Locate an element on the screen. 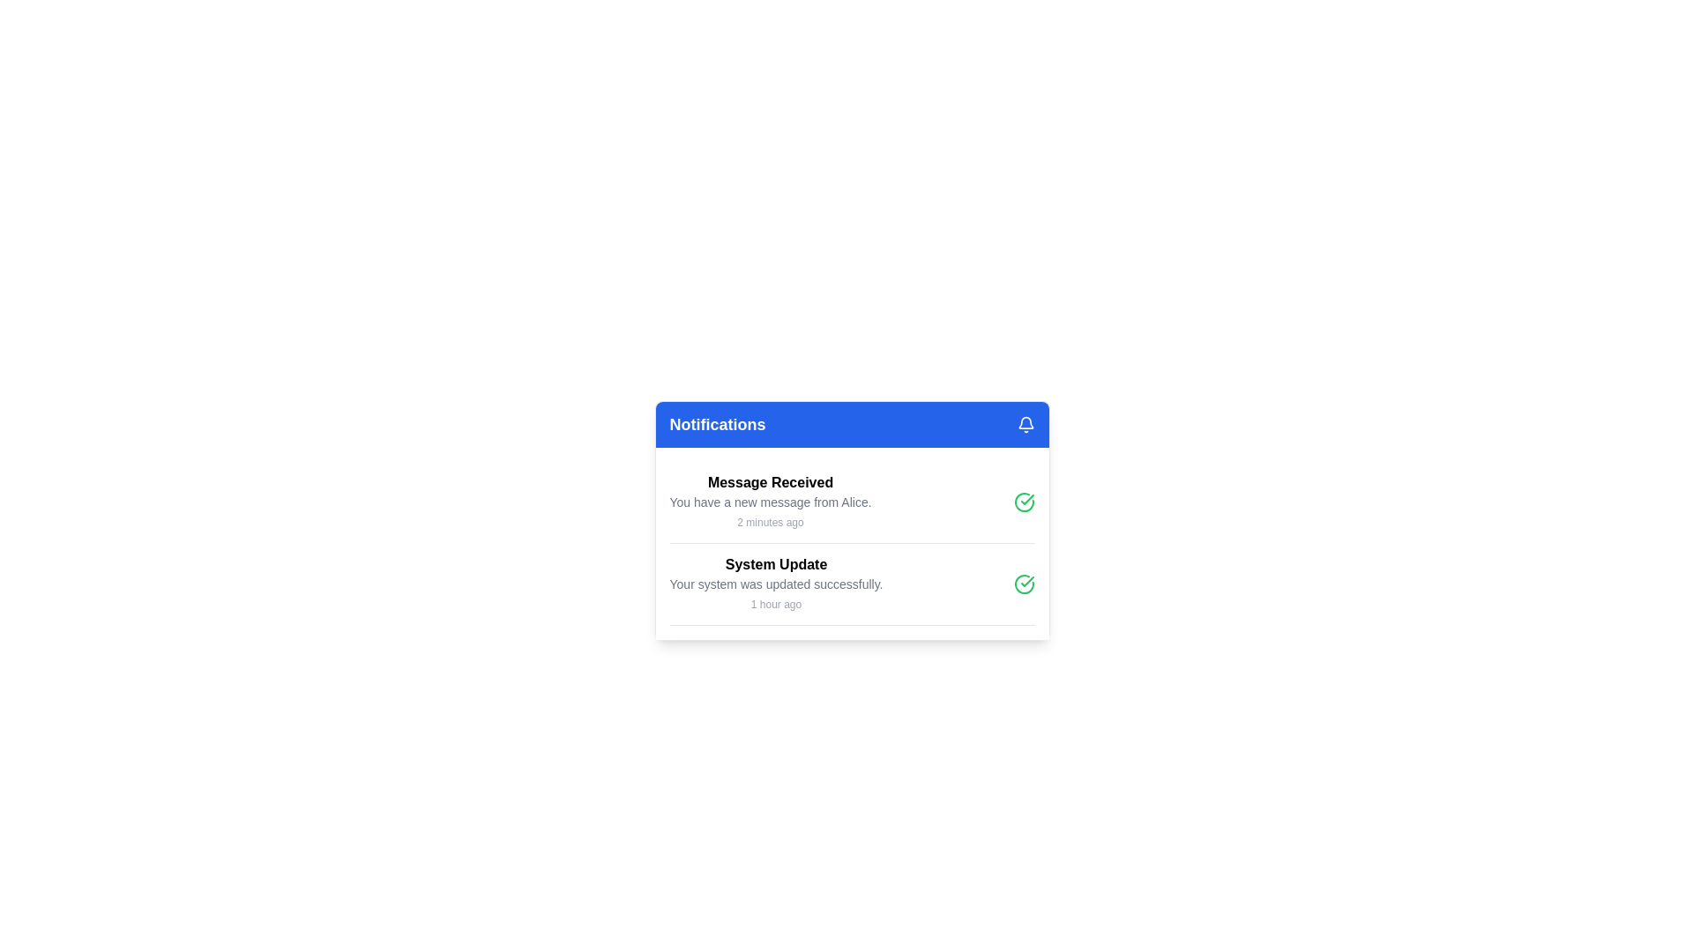  the title text label of the first notification in the notification list, which provides a summary of the notification content is located at coordinates (770, 482).